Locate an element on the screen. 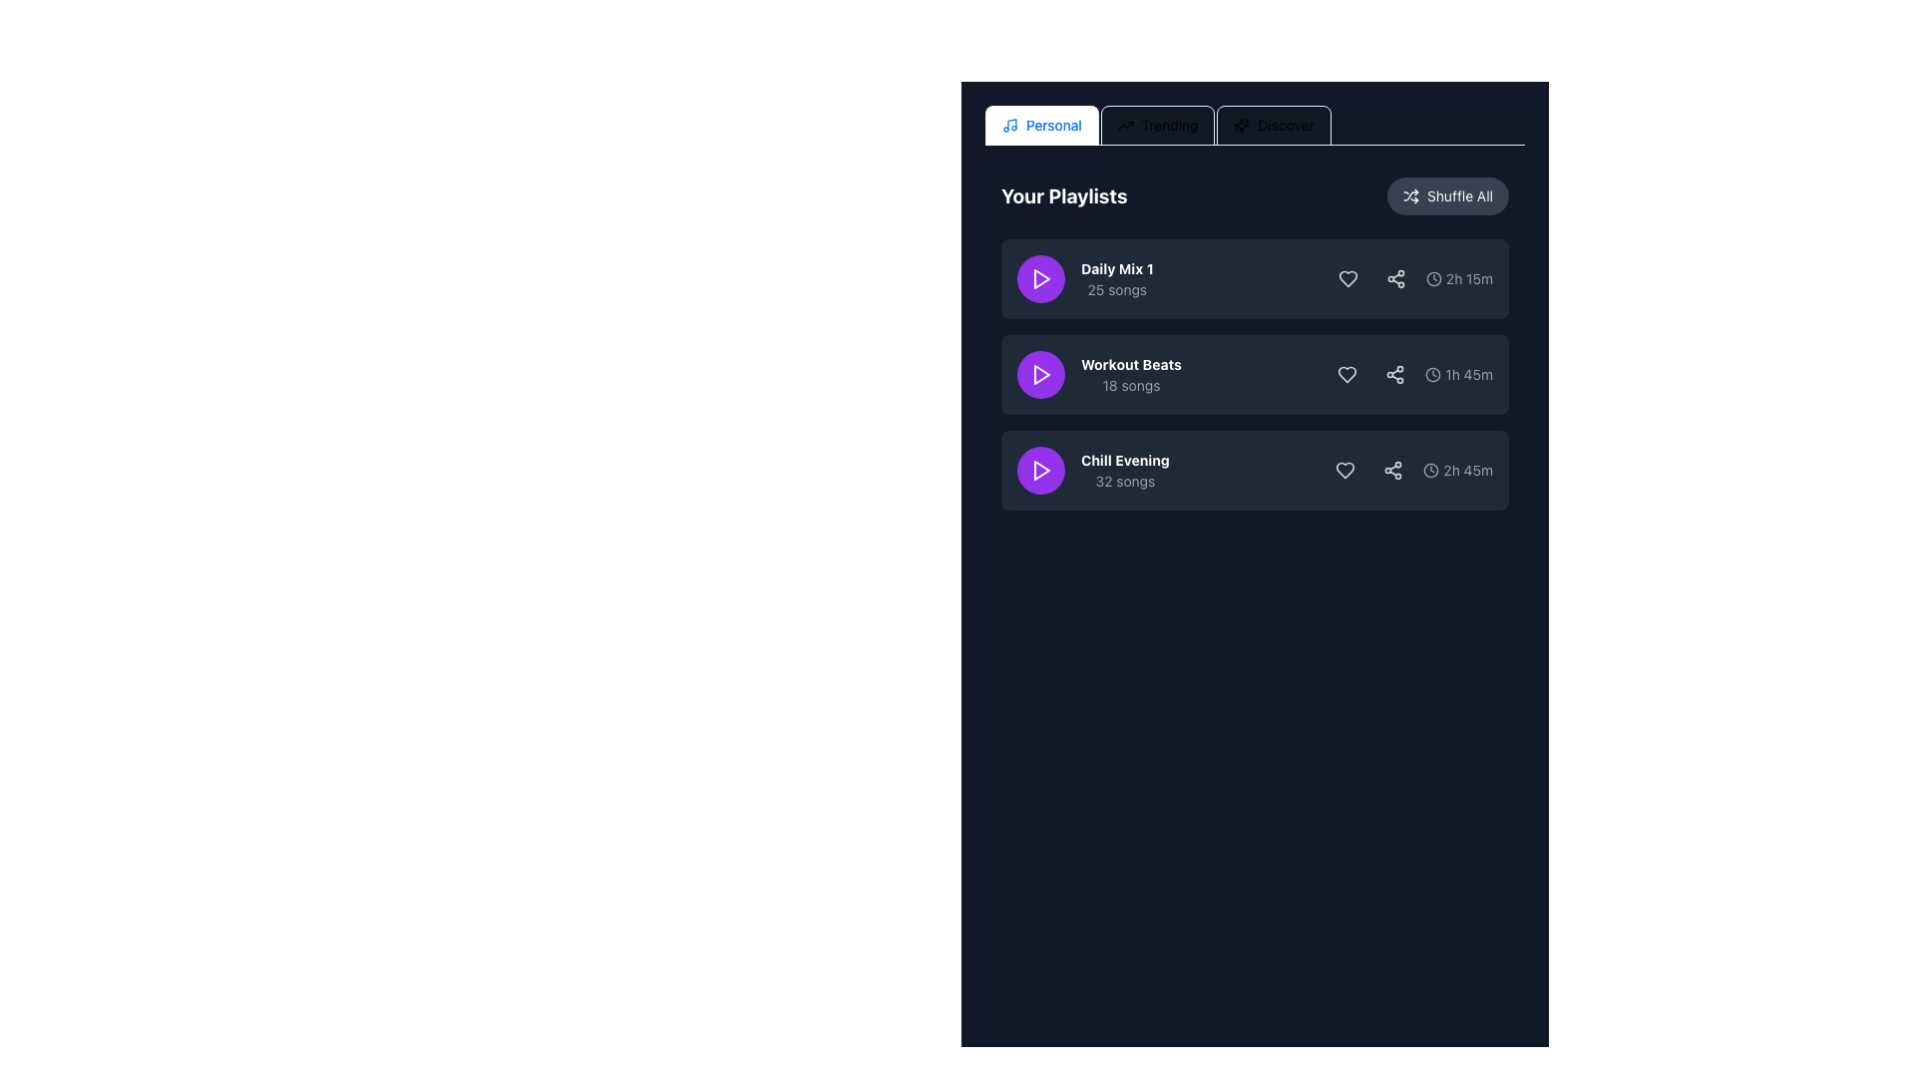 This screenshot has width=1915, height=1077. displayed text '2h 15m' from the text label with an icon that is styled in light gray color and located within the playlist entry for 'Daily Mix 1' is located at coordinates (1410, 279).